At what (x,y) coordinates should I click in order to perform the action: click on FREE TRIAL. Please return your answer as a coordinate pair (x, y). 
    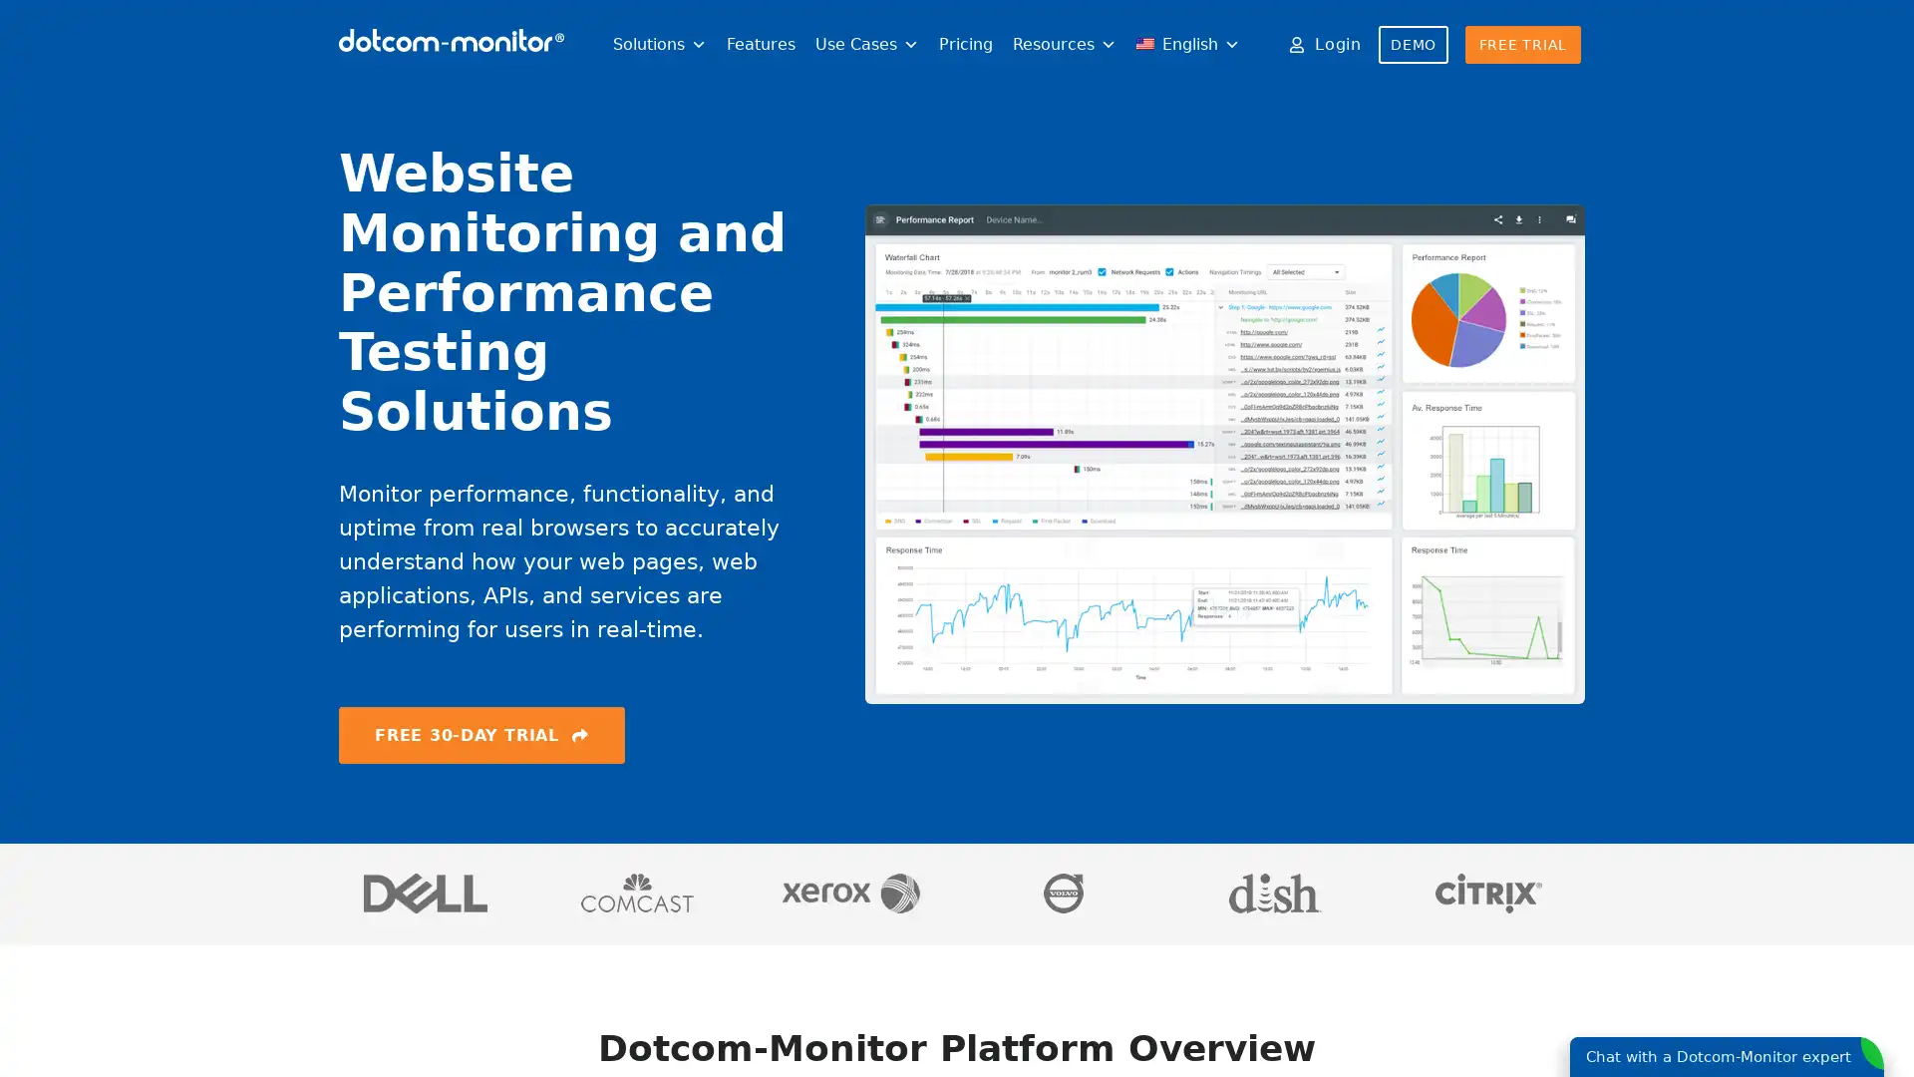
    Looking at the image, I should click on (1521, 45).